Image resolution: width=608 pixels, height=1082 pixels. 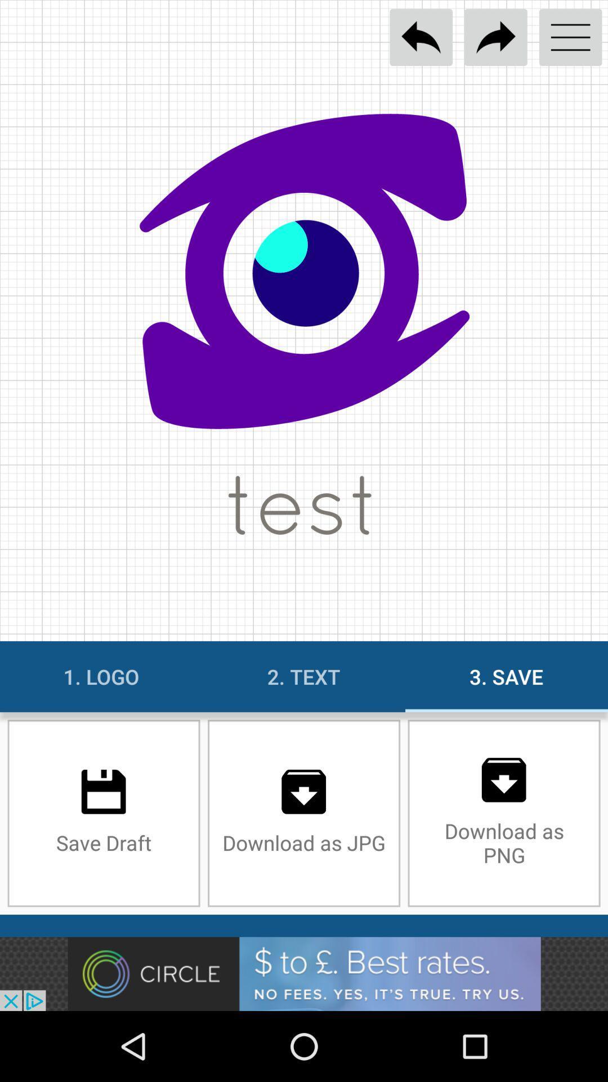 I want to click on backward, so click(x=421, y=37).